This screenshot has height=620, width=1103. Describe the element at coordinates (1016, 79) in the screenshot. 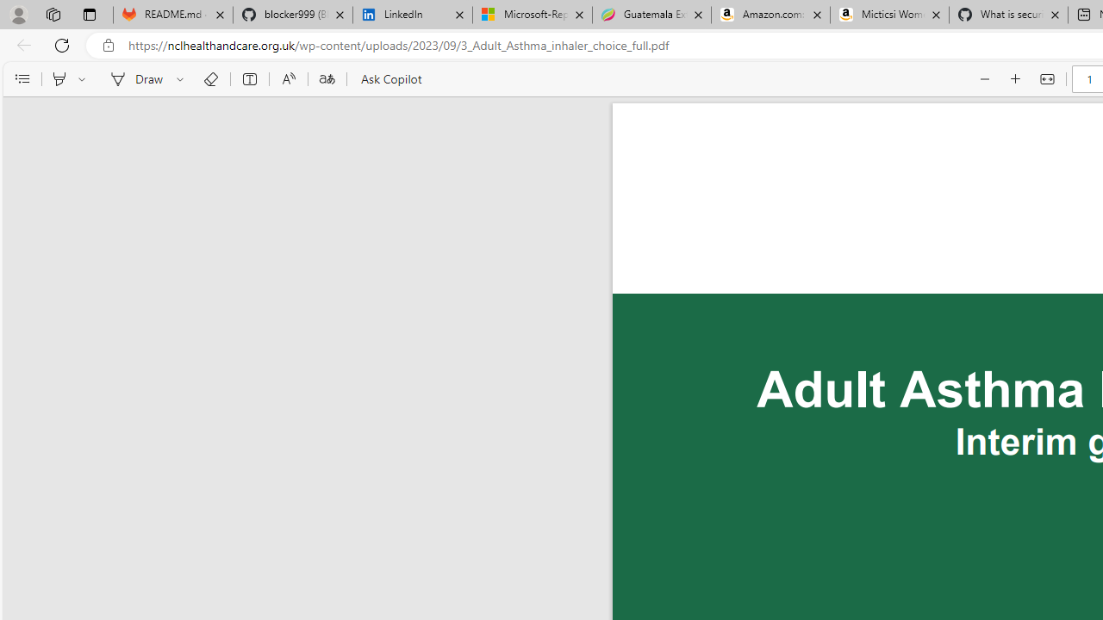

I see `'Zoom in (Ctrl+Plus key)'` at that location.